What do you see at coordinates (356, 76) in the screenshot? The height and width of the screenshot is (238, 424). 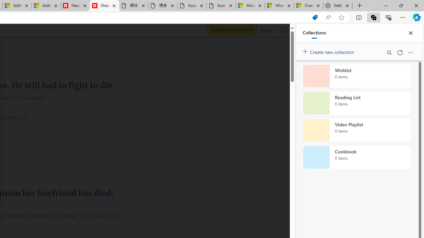 I see `'Wishlist collection, 0 items'` at bounding box center [356, 76].